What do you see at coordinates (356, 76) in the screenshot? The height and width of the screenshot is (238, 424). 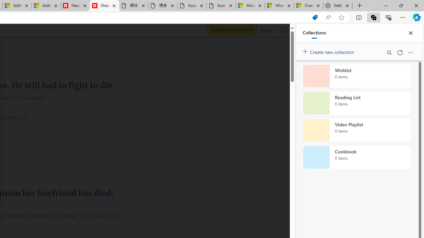 I see `'Wishlist collection, 0 items'` at bounding box center [356, 76].